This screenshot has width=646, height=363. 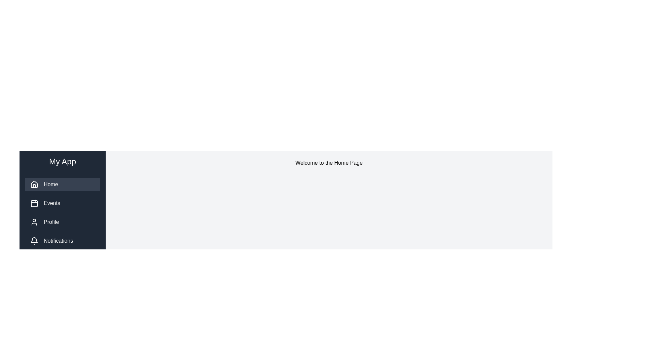 I want to click on the SVG icon resembling a house outline in the sidebar navigation menu labeled 'Home', so click(x=34, y=184).